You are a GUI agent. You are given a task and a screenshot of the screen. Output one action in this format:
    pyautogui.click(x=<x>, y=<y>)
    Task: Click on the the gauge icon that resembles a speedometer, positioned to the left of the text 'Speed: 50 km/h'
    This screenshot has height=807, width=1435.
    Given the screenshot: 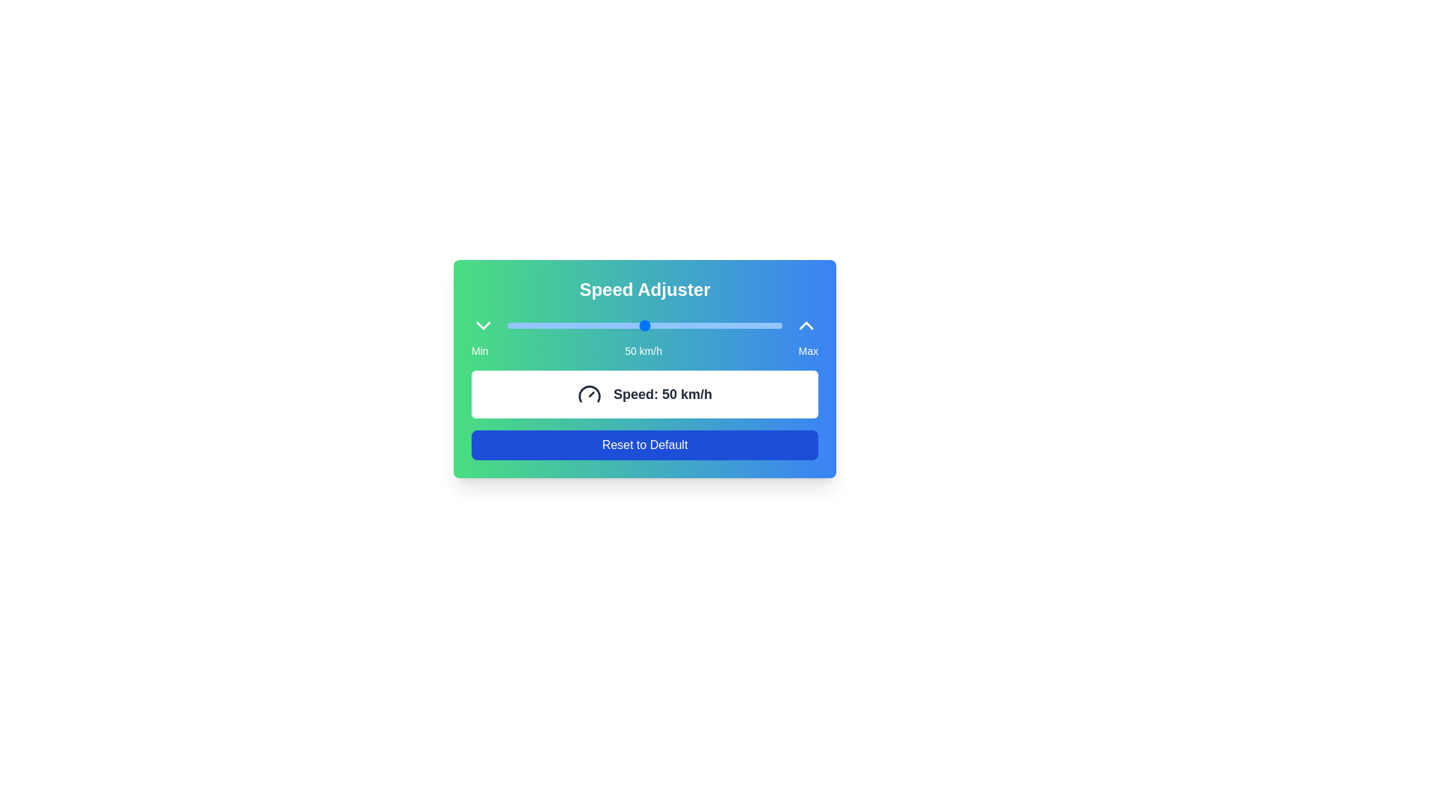 What is the action you would take?
    pyautogui.click(x=588, y=394)
    